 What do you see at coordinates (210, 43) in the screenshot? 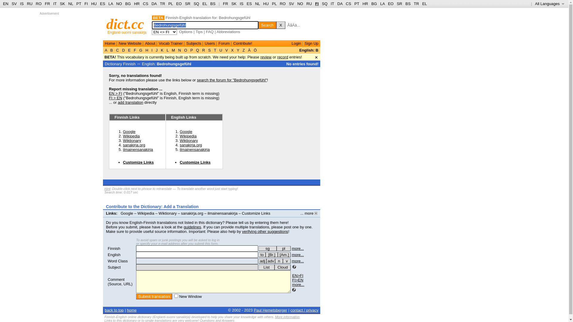
I see `'Users'` at bounding box center [210, 43].